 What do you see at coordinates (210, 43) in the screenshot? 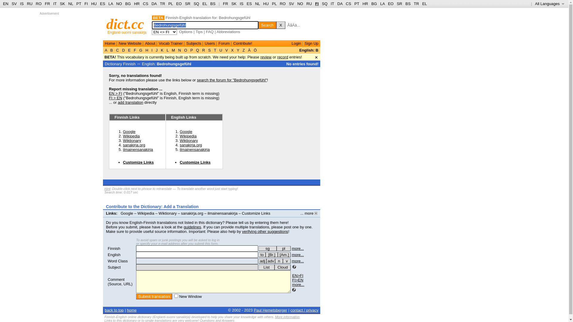
I see `'Users'` at bounding box center [210, 43].